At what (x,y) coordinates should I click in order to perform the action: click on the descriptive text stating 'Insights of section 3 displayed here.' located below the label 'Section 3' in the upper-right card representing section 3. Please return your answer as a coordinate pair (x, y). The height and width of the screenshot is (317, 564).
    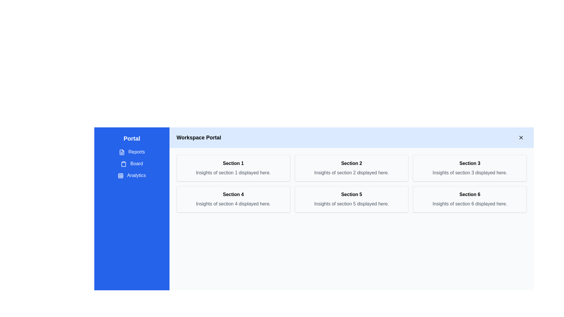
    Looking at the image, I should click on (469, 173).